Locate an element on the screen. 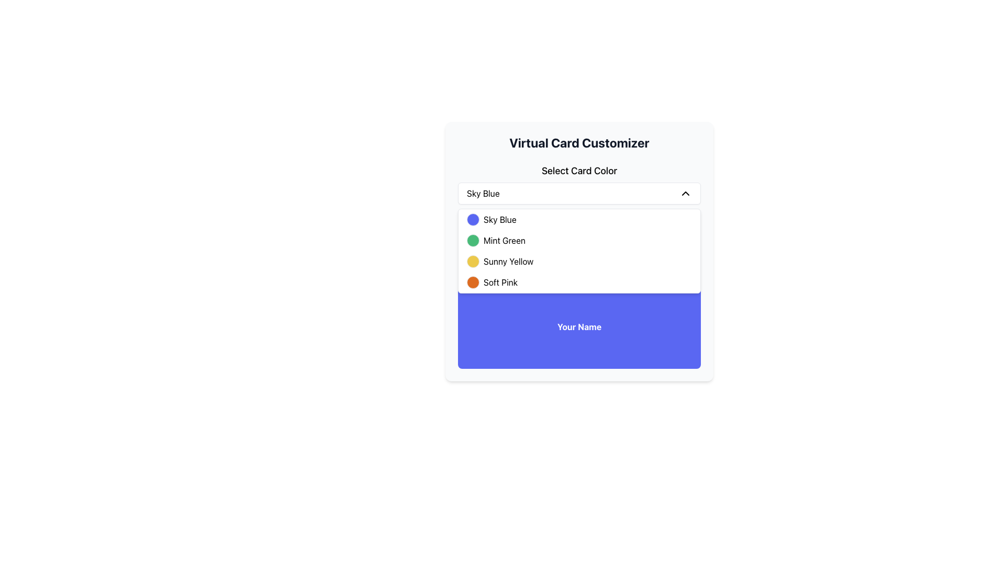  the 'Soft Pink' text label is located at coordinates (500, 282).